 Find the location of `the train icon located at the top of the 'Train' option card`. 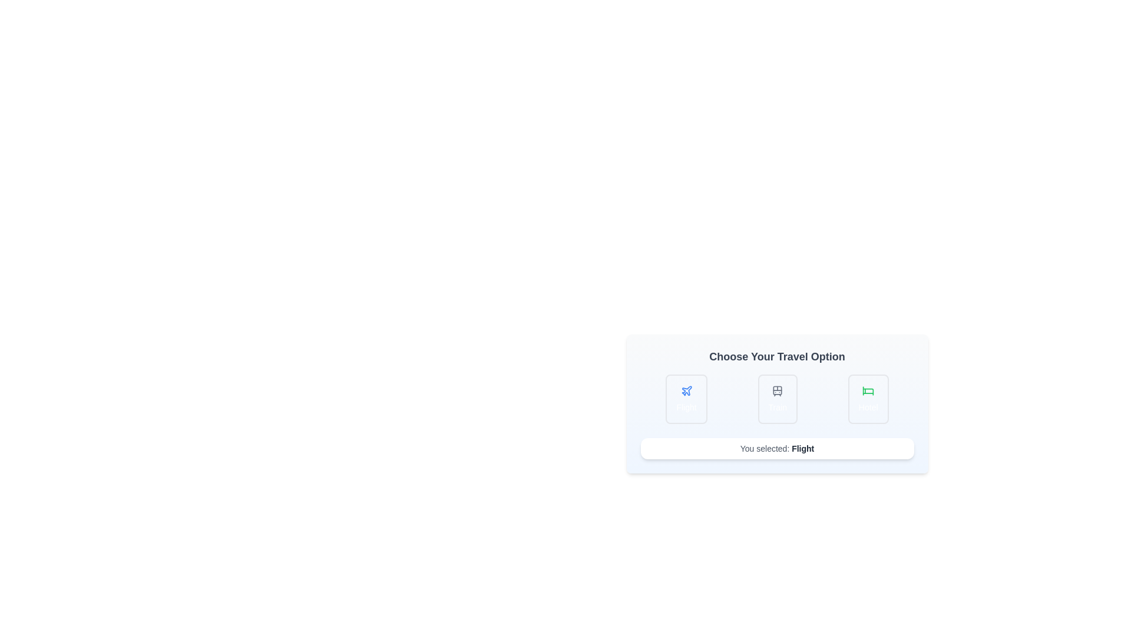

the train icon located at the top of the 'Train' option card is located at coordinates (778, 390).